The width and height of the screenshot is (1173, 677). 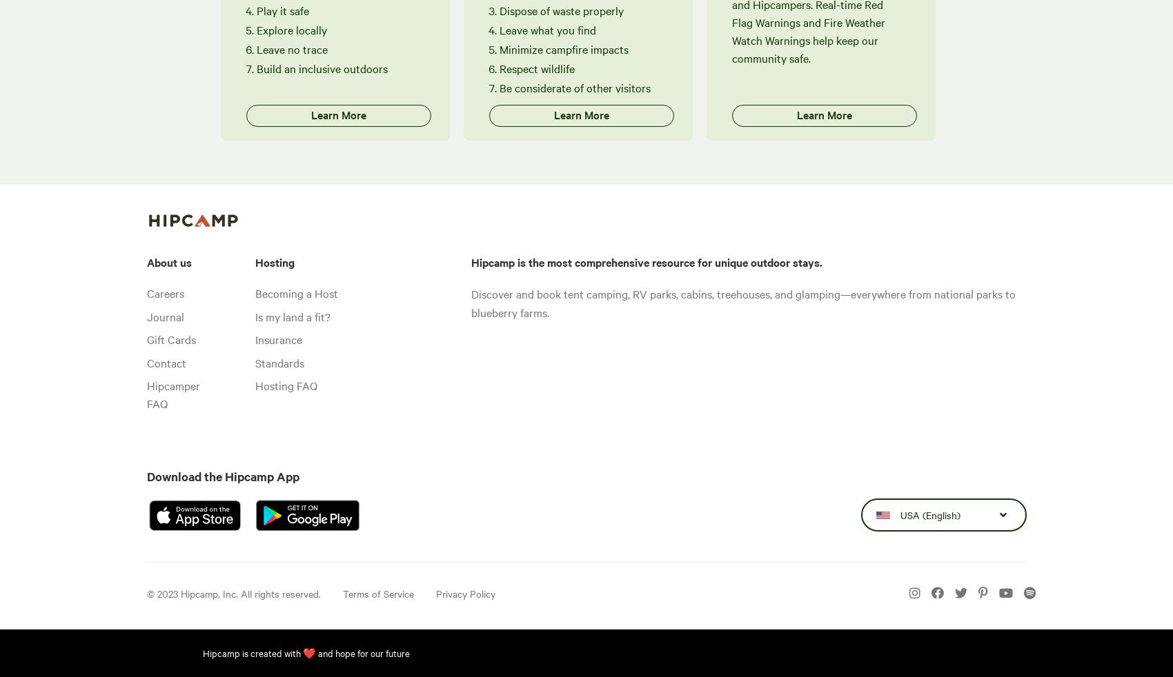 I want to click on 'Journal', so click(x=165, y=316).